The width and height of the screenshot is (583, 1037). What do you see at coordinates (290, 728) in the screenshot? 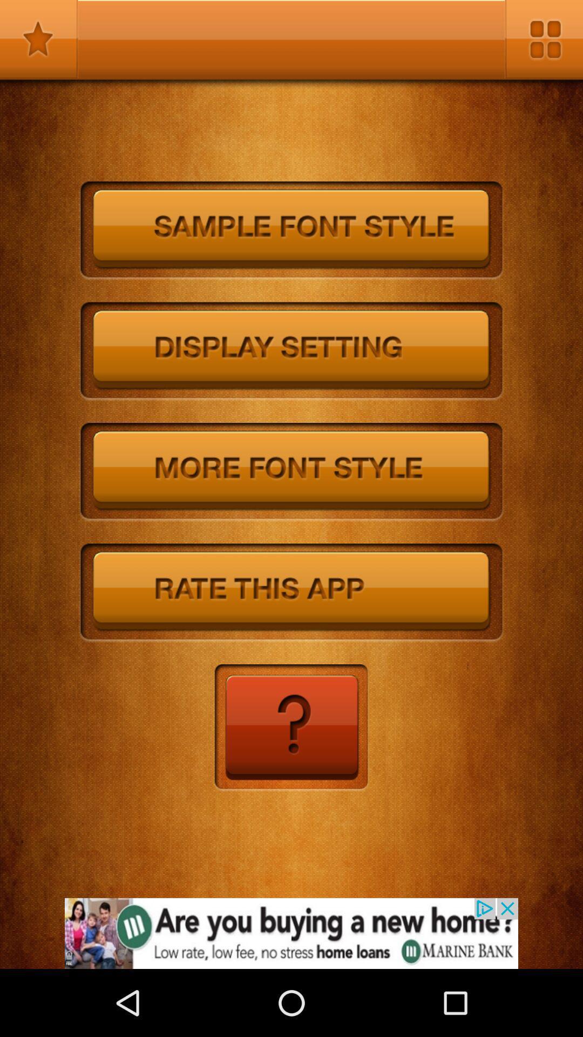
I see `click icon` at bounding box center [290, 728].